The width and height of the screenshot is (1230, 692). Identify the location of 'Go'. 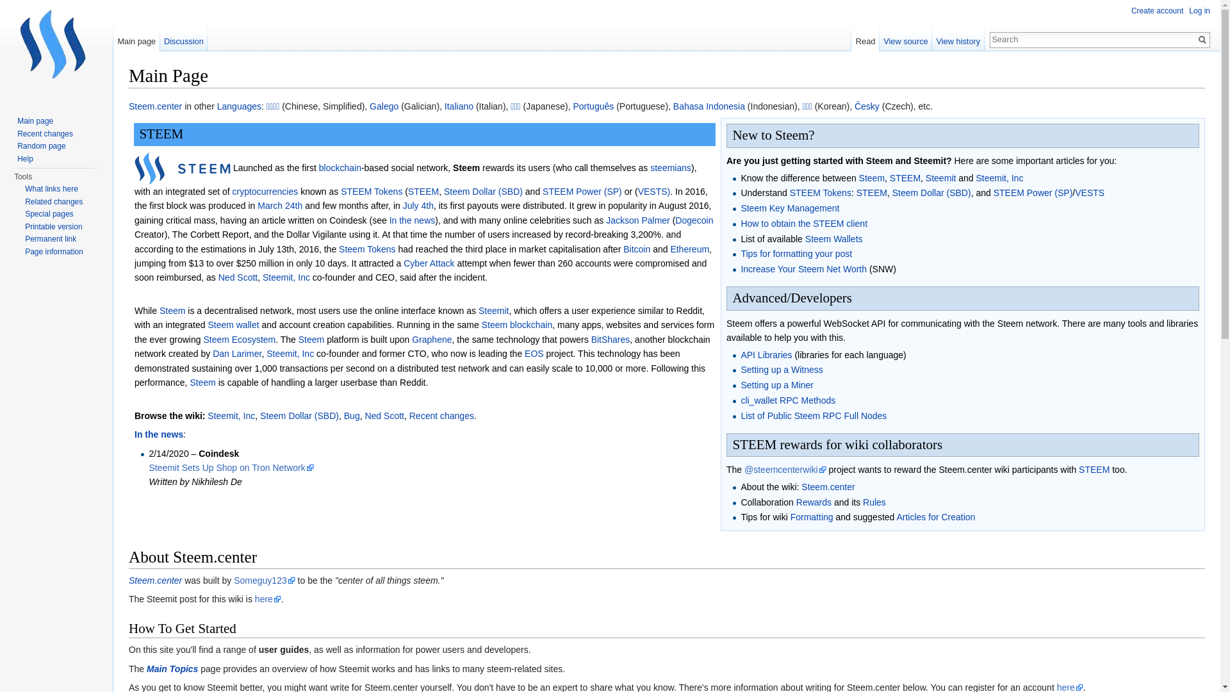
(1195, 38).